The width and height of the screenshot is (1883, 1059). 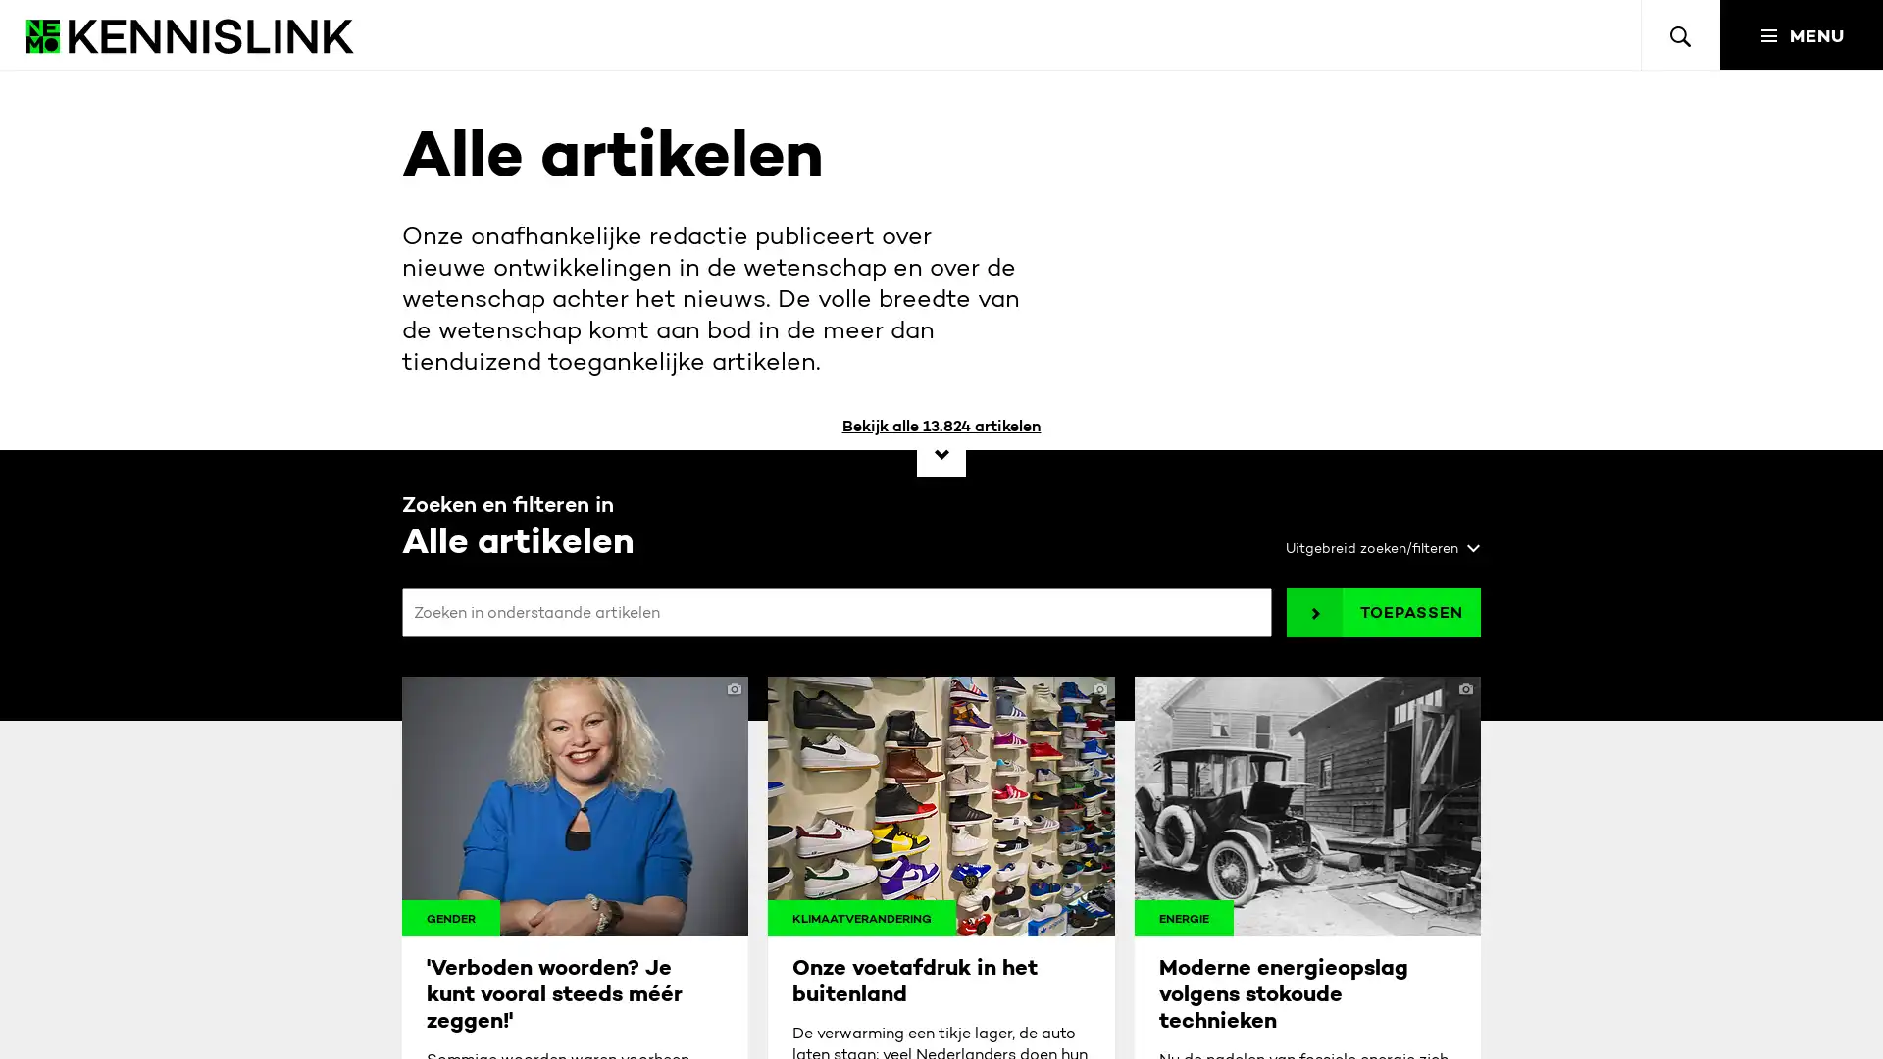 What do you see at coordinates (1375, 549) in the screenshot?
I see `Uitgebreid zoeken/filteren` at bounding box center [1375, 549].